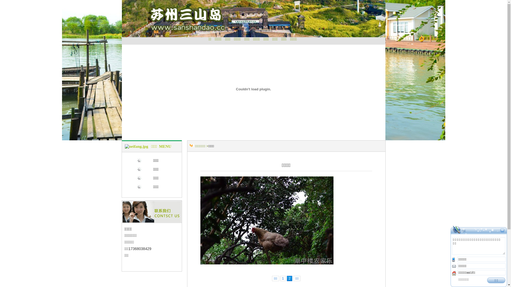  I want to click on '1', so click(280, 278).